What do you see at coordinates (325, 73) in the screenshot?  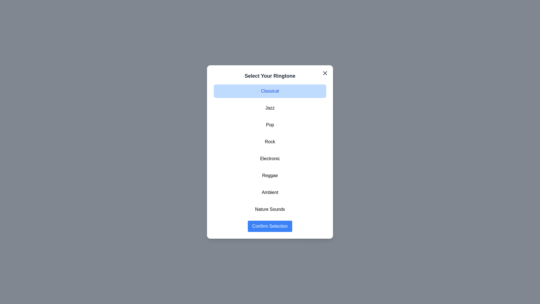 I see `the close button to close the dialog` at bounding box center [325, 73].